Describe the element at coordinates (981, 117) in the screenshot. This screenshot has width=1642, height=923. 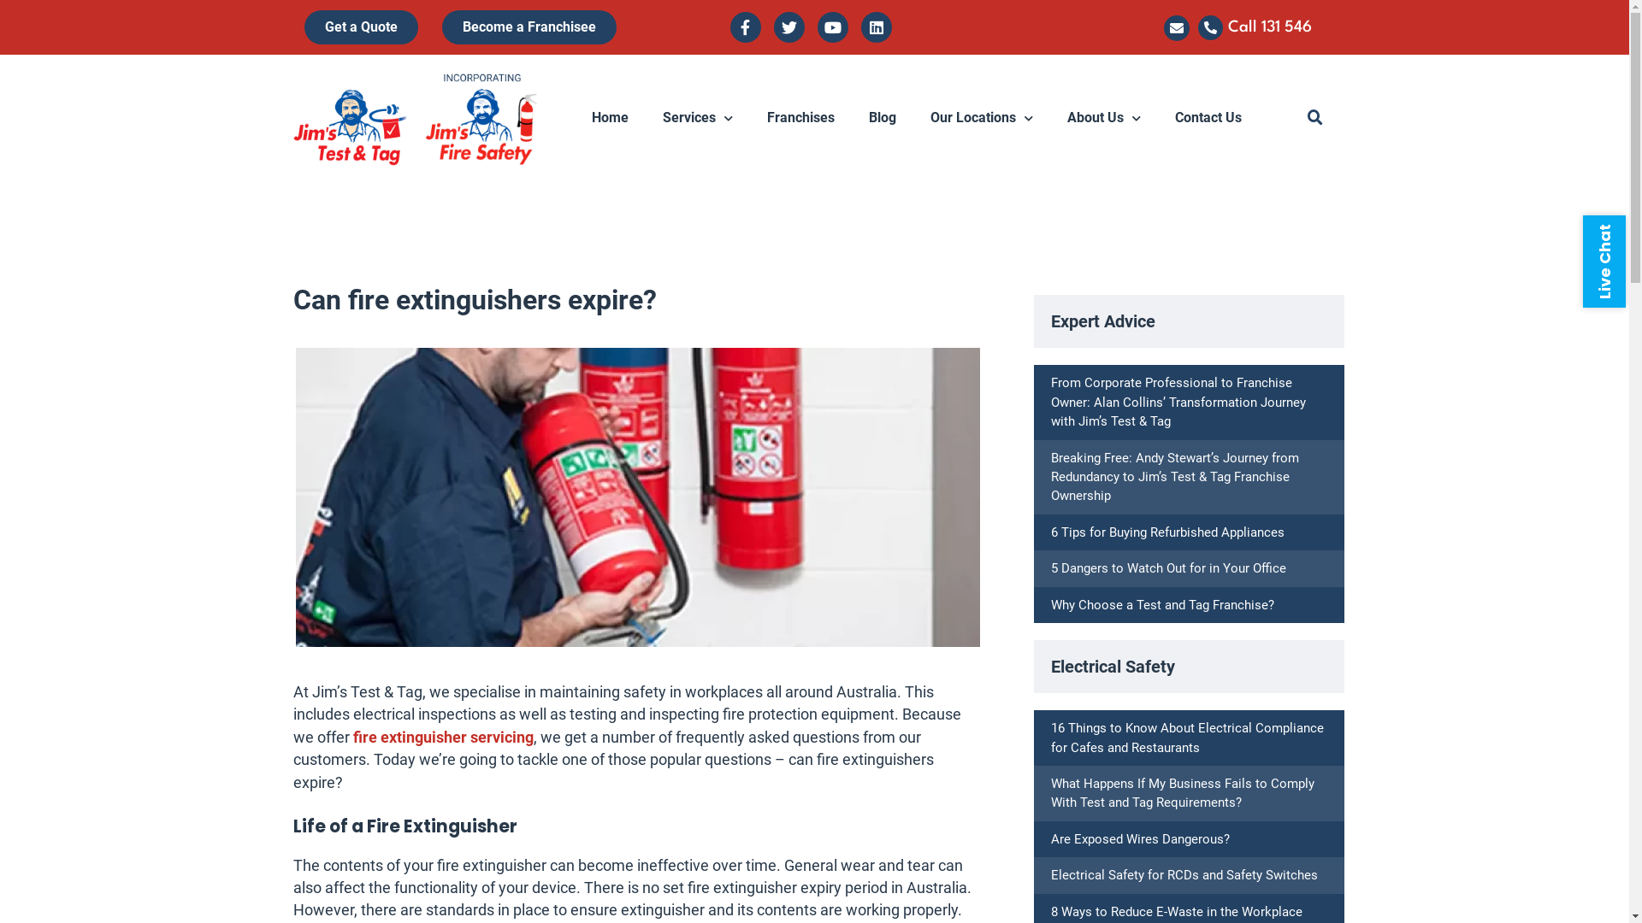
I see `'Our Locations'` at that location.